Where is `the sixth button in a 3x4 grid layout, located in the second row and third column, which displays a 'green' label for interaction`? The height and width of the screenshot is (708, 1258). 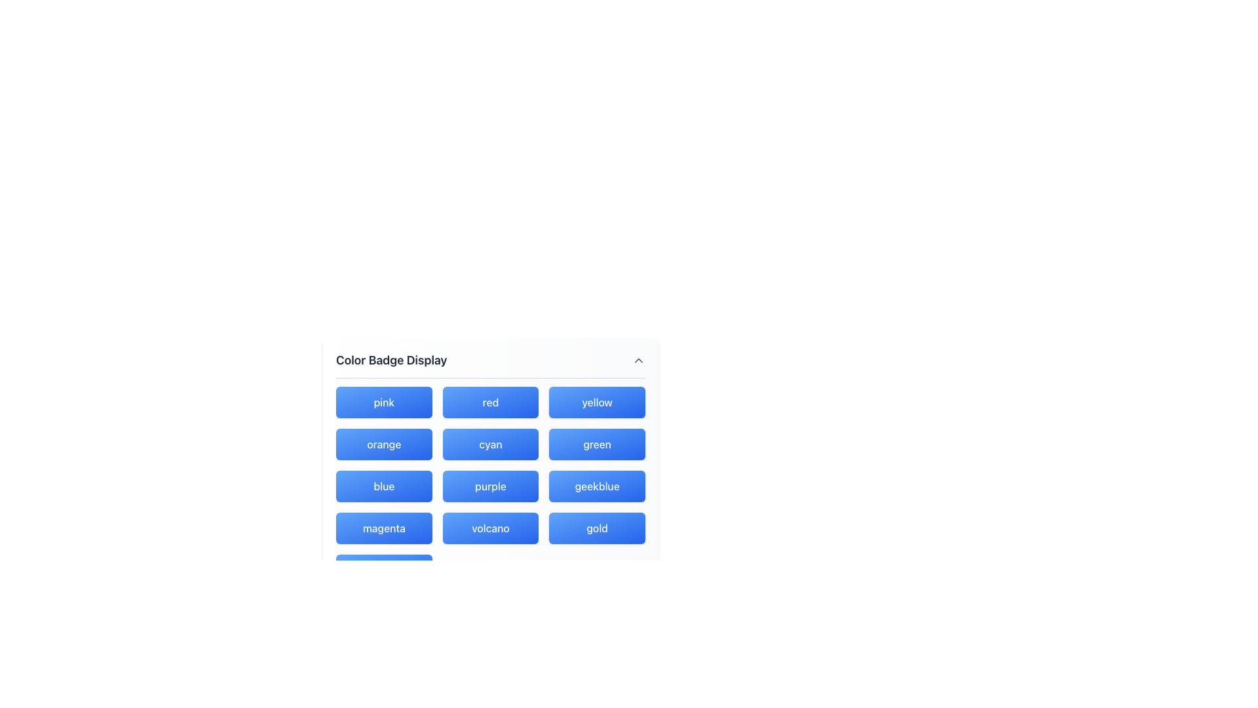
the sixth button in a 3x4 grid layout, located in the second row and third column, which displays a 'green' label for interaction is located at coordinates (596, 444).